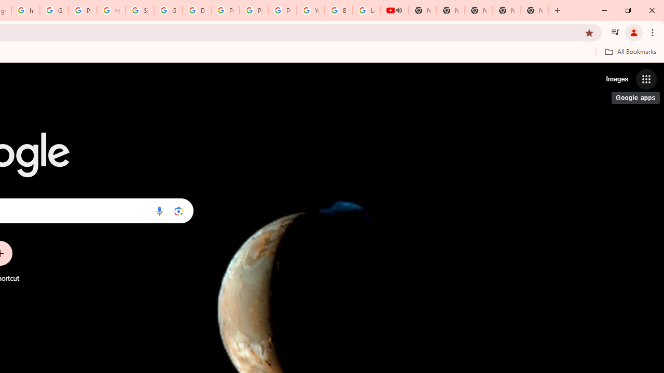 The image size is (664, 373). Describe the element at coordinates (633, 32) in the screenshot. I see `'You'` at that location.